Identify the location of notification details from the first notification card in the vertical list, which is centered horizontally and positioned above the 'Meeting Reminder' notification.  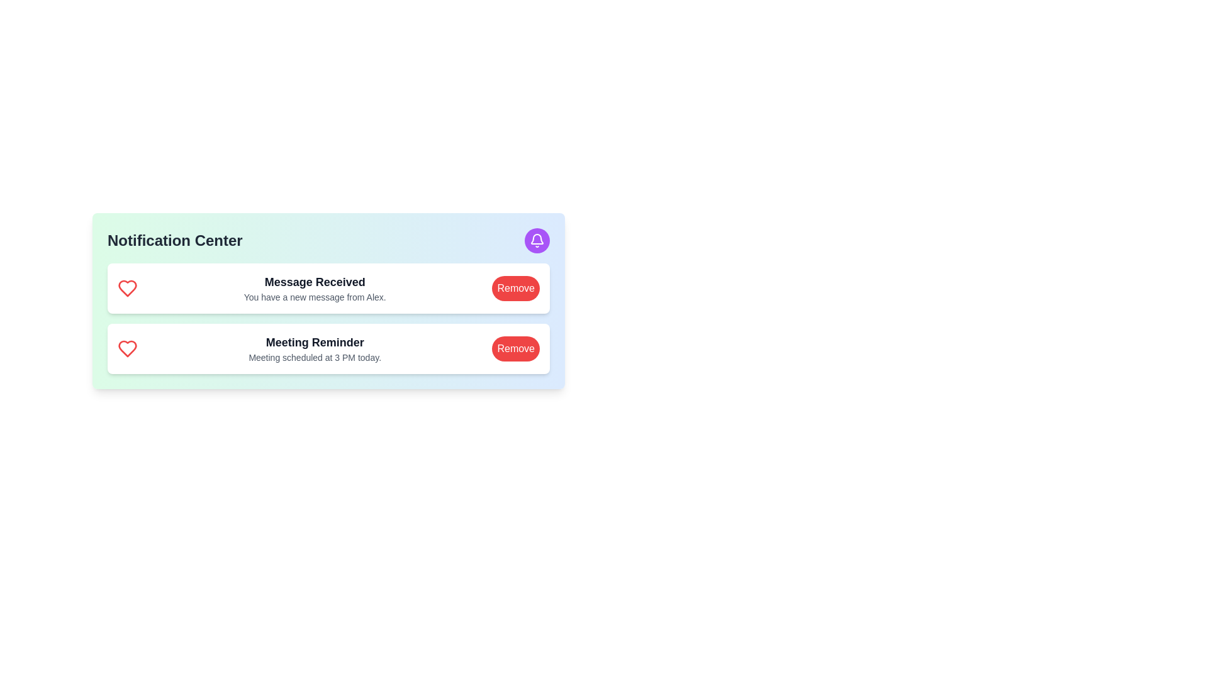
(328, 289).